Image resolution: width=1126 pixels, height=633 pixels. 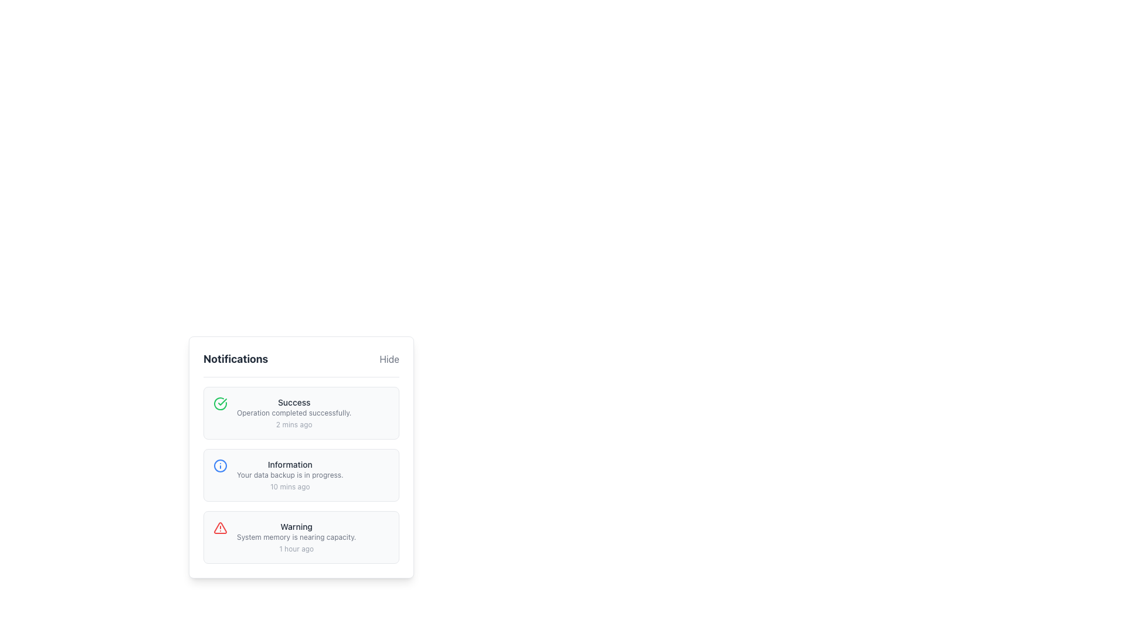 I want to click on text of the 'Warning' label, which is a small-sized, medium-weight, dark gray text element located at the top of the third notification card in a vertical list of notifications, so click(x=296, y=526).